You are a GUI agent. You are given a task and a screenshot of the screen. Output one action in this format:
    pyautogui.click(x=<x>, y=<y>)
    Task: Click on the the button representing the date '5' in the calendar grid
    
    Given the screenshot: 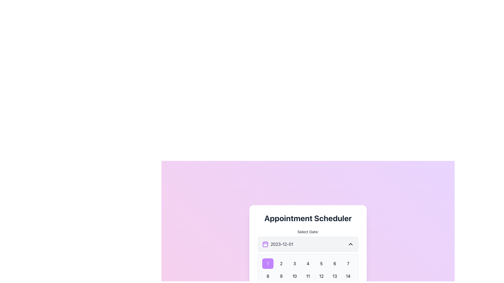 What is the action you would take?
    pyautogui.click(x=321, y=264)
    